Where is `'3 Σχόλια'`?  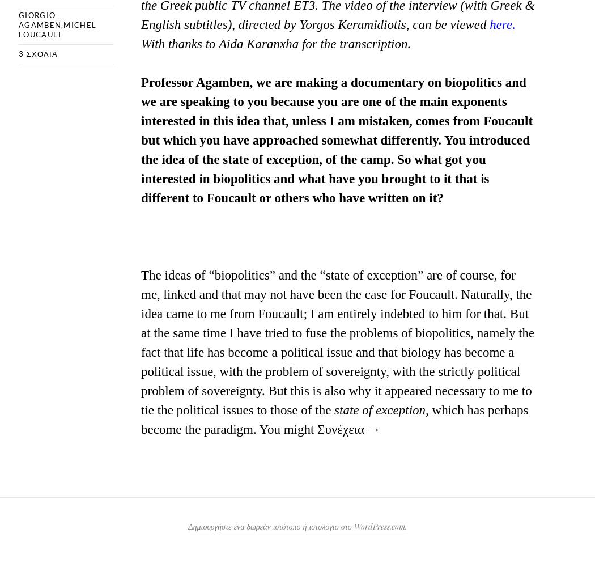 '3 Σχόλια' is located at coordinates (37, 53).